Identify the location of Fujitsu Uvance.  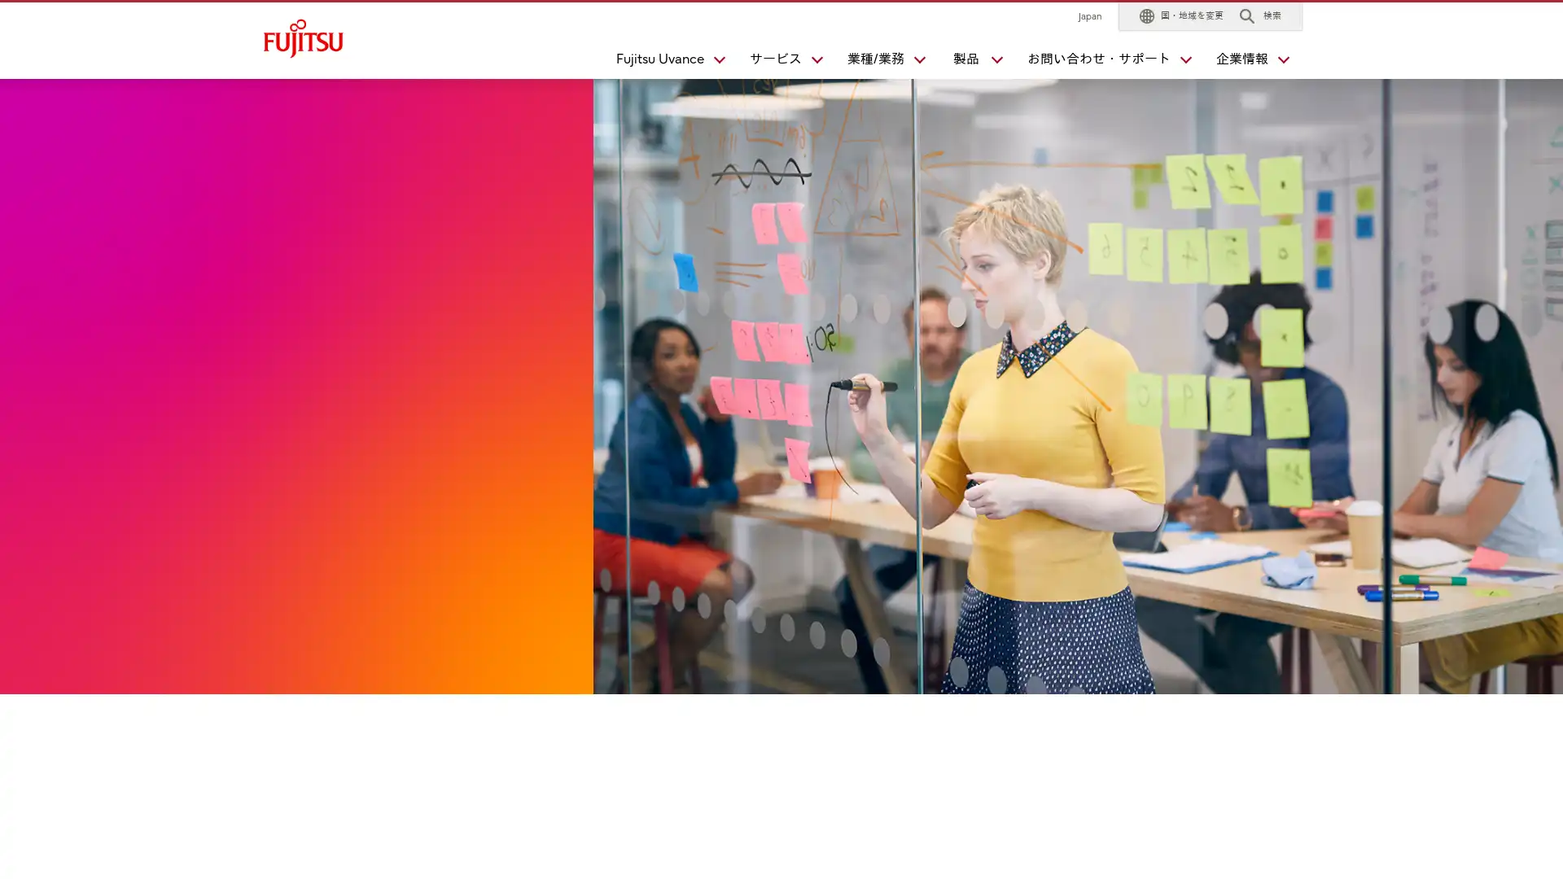
(663, 62).